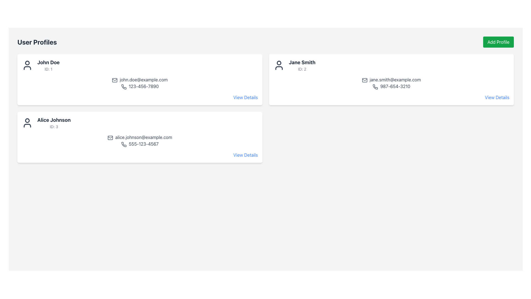  I want to click on the phone icon located next to the phone number text '555-123-4567' in the second user profile, so click(123, 144).